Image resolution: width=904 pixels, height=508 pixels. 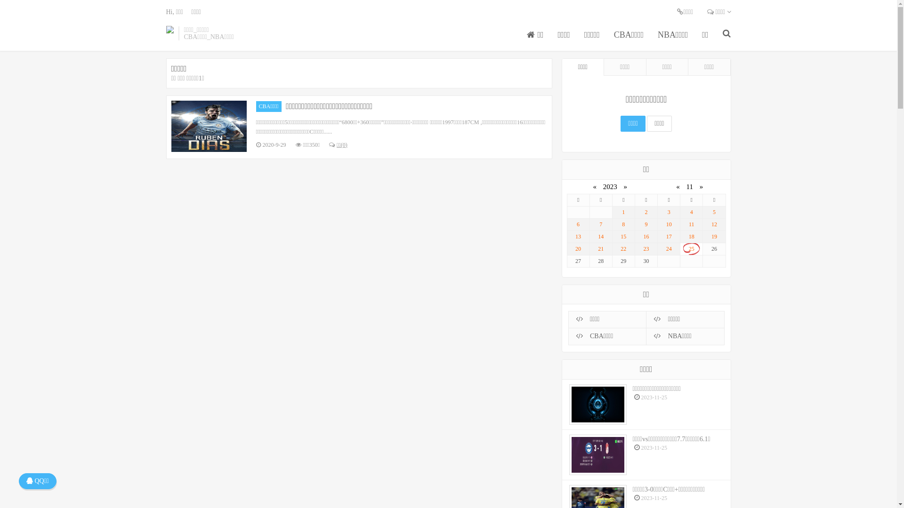 What do you see at coordinates (623, 212) in the screenshot?
I see `'1'` at bounding box center [623, 212].